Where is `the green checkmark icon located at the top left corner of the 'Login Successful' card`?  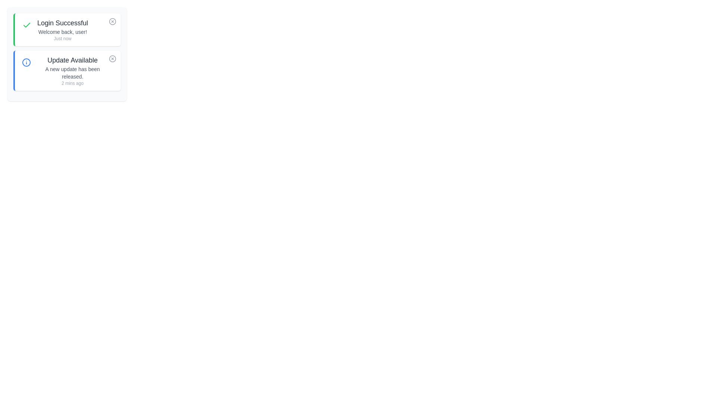 the green checkmark icon located at the top left corner of the 'Login Successful' card is located at coordinates (27, 25).